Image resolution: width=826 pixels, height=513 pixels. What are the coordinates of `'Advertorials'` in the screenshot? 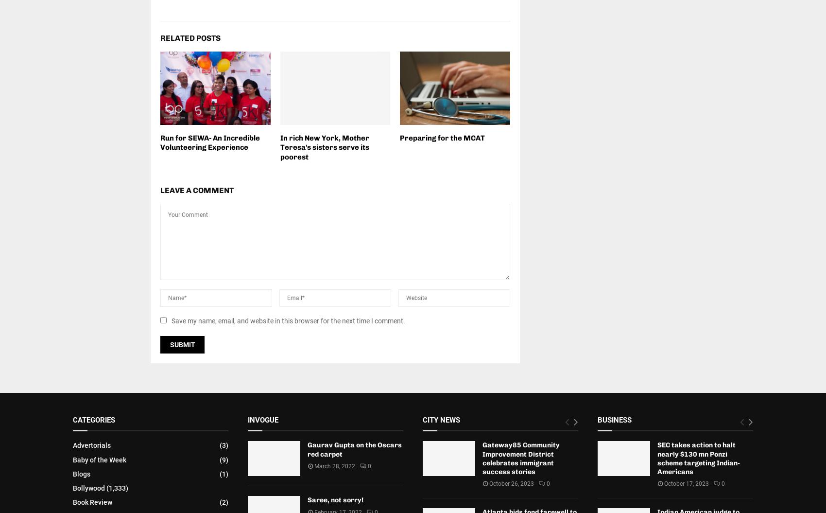 It's located at (91, 444).